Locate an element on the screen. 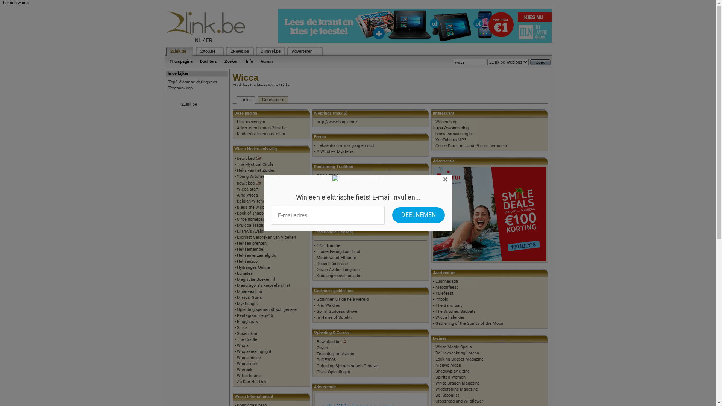 The height and width of the screenshot is (406, 722). 'Adverteren binnen 2link.be' is located at coordinates (262, 127).